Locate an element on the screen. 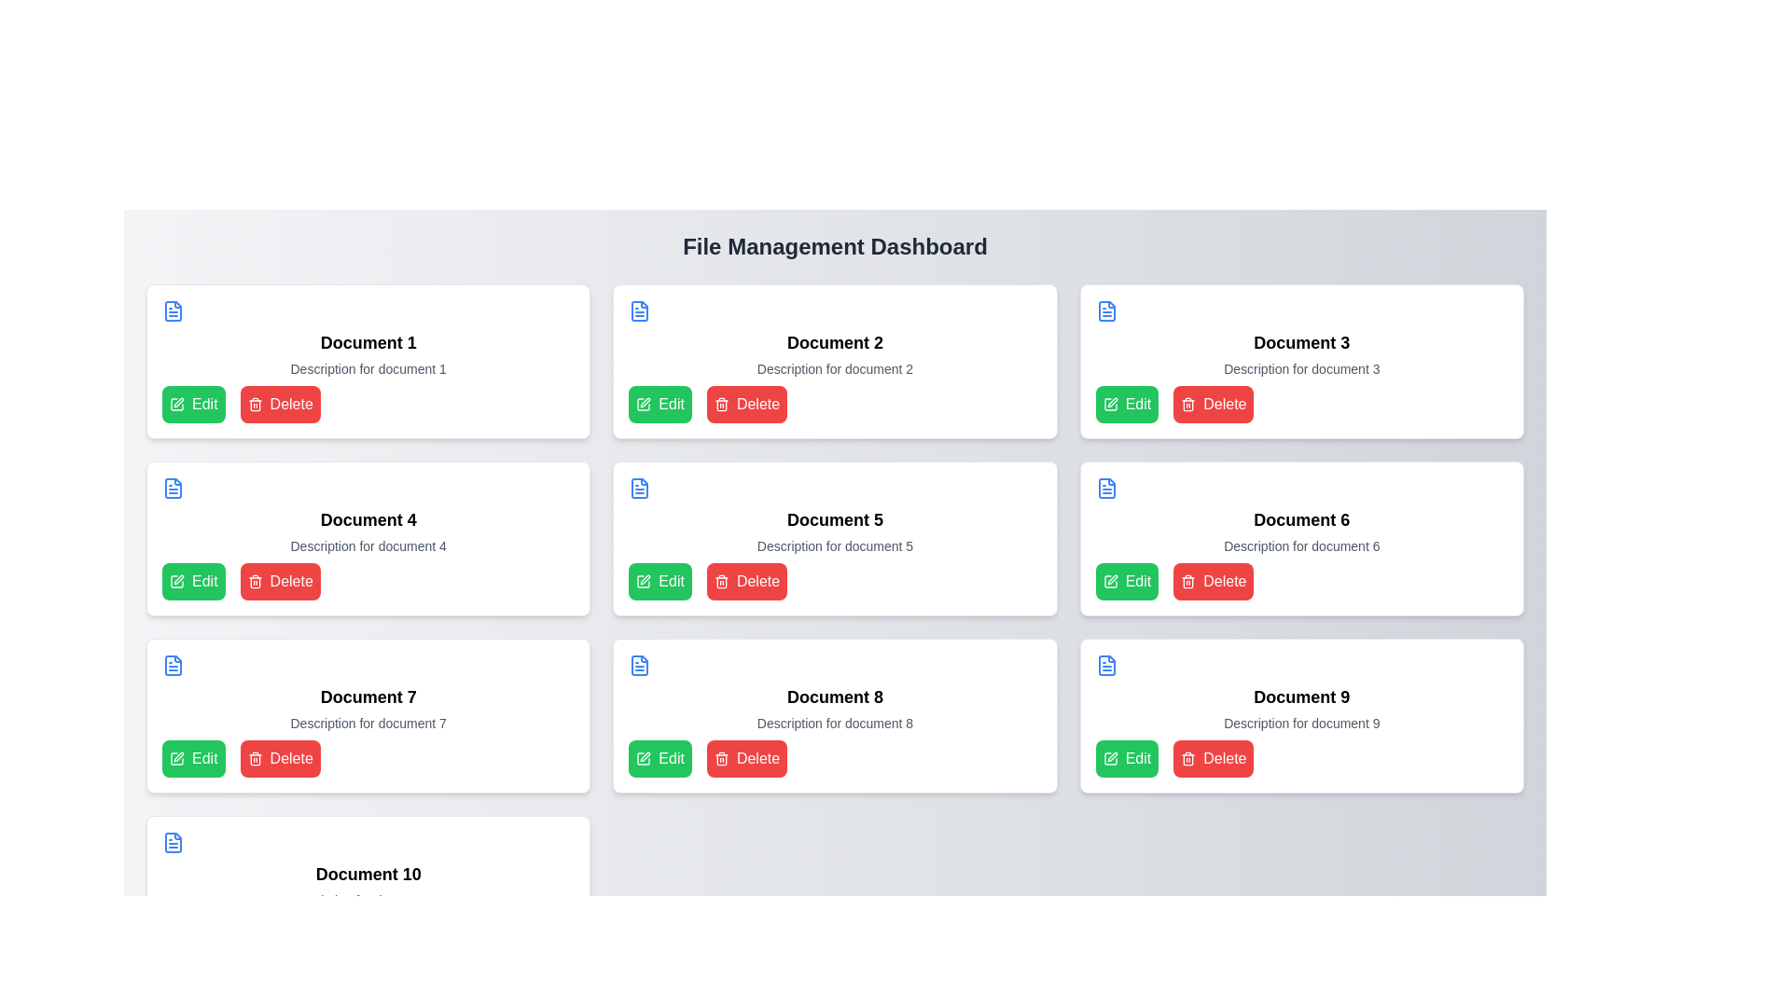 The image size is (1791, 1007). the Text label representing the title 'Document 4' within the card component located in the first column, second row of the grid layout is located at coordinates (368, 520).